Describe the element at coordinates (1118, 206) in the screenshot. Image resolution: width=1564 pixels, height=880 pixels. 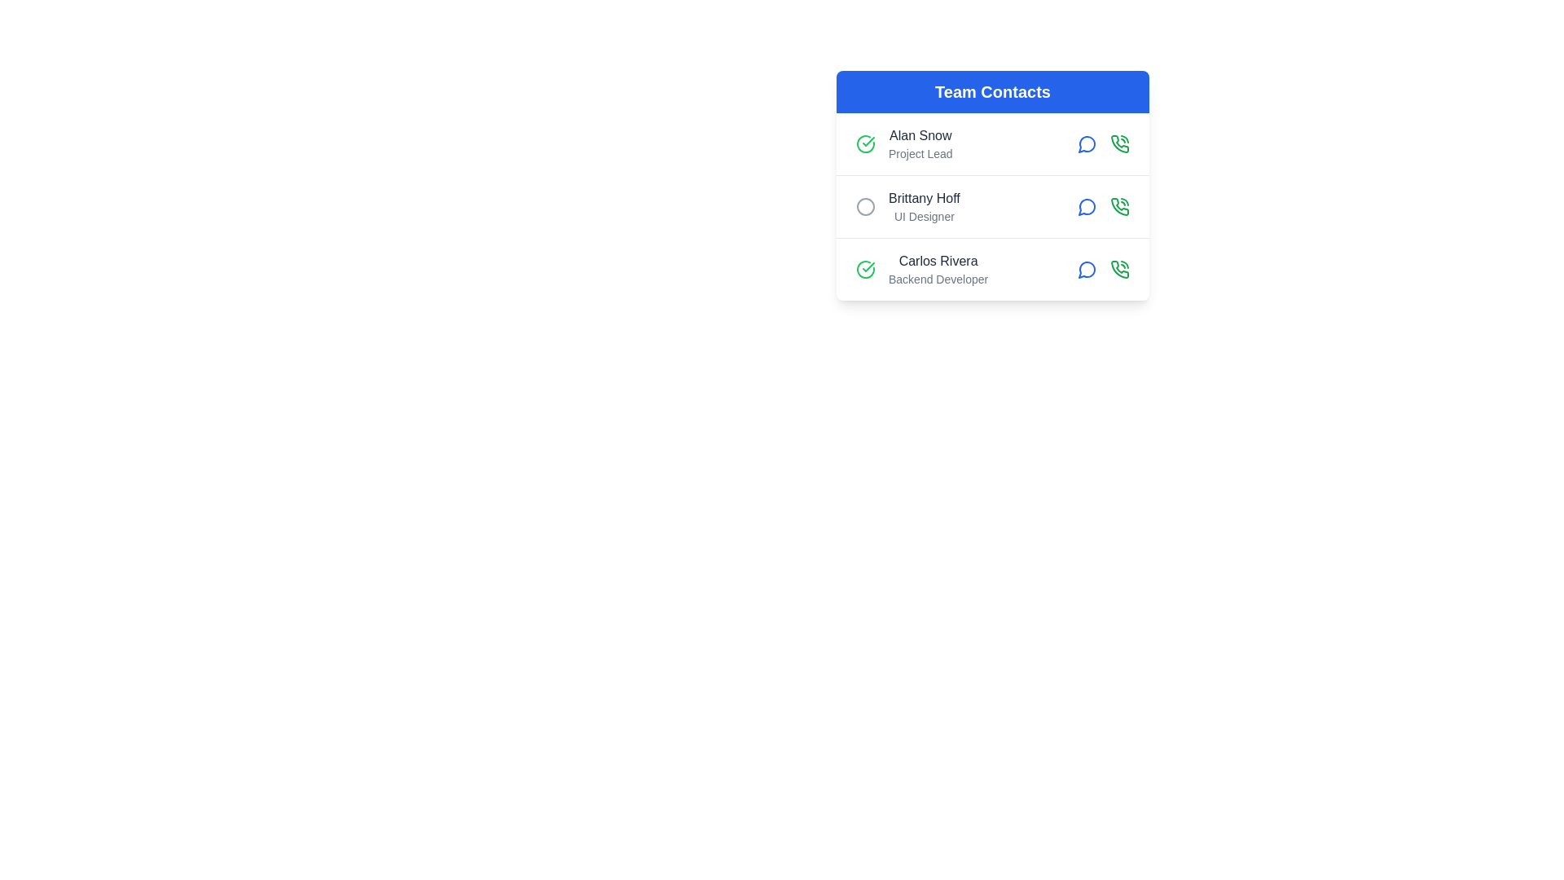
I see `the call icon for Brittany Hoff` at that location.